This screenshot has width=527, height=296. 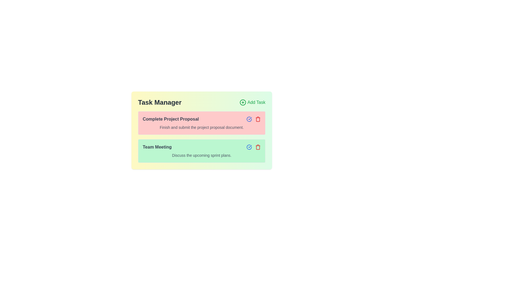 I want to click on the interactive completion toggle icon located, so click(x=249, y=119).